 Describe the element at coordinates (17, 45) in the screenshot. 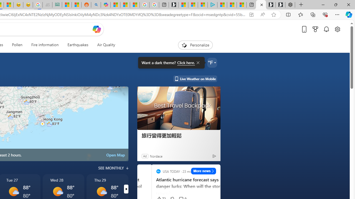

I see `'Pollen'` at that location.